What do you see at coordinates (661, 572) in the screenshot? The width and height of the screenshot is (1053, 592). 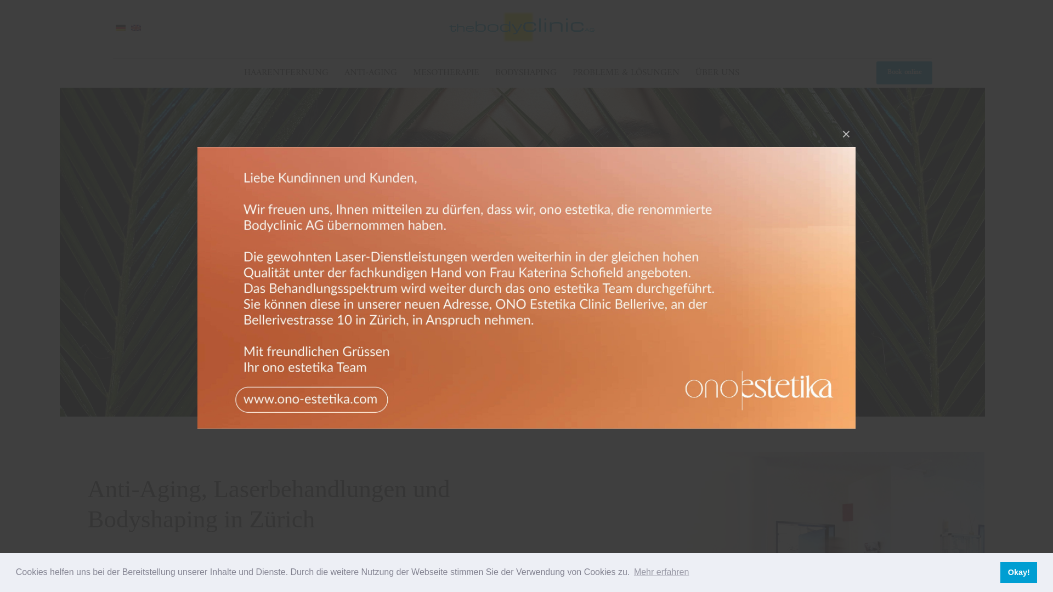 I see `'Mehr erfahren'` at bounding box center [661, 572].